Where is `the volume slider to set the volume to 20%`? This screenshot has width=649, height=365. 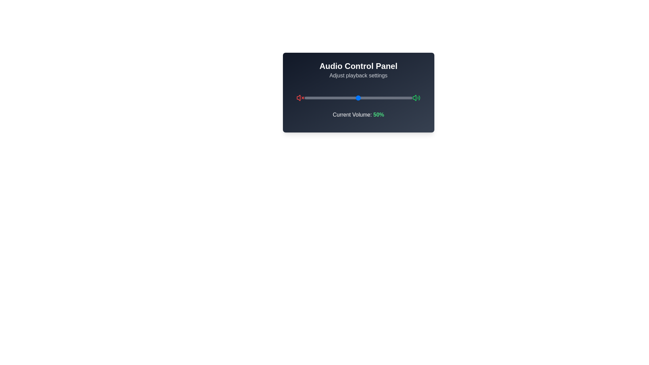 the volume slider to set the volume to 20% is located at coordinates (326, 98).